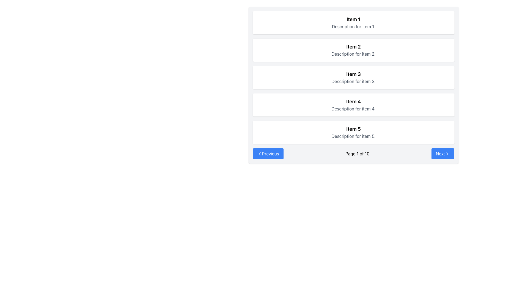 This screenshot has height=296, width=526. Describe the element at coordinates (353, 153) in the screenshot. I see `text in the center section of the Pagination Control to understand the current page number, which displays 'Page 1 of 10'` at that location.